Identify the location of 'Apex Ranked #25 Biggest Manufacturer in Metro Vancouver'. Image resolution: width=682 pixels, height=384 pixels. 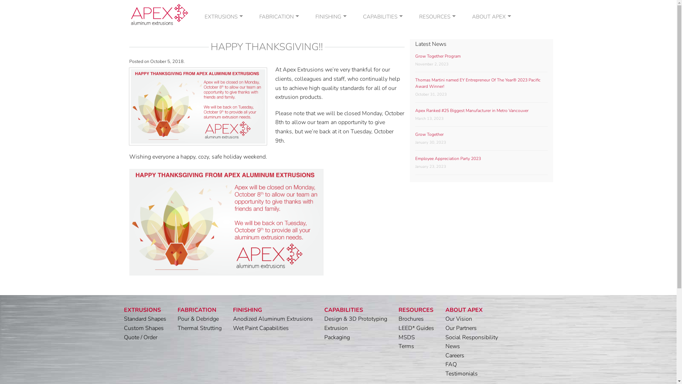
(472, 111).